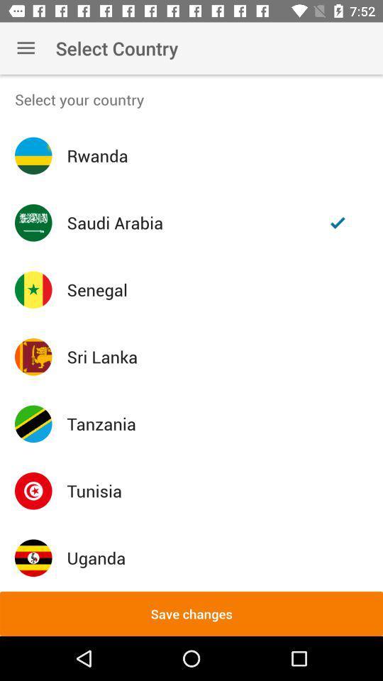 This screenshot has width=383, height=681. Describe the element at coordinates (26, 48) in the screenshot. I see `the app to the left of select country app` at that location.